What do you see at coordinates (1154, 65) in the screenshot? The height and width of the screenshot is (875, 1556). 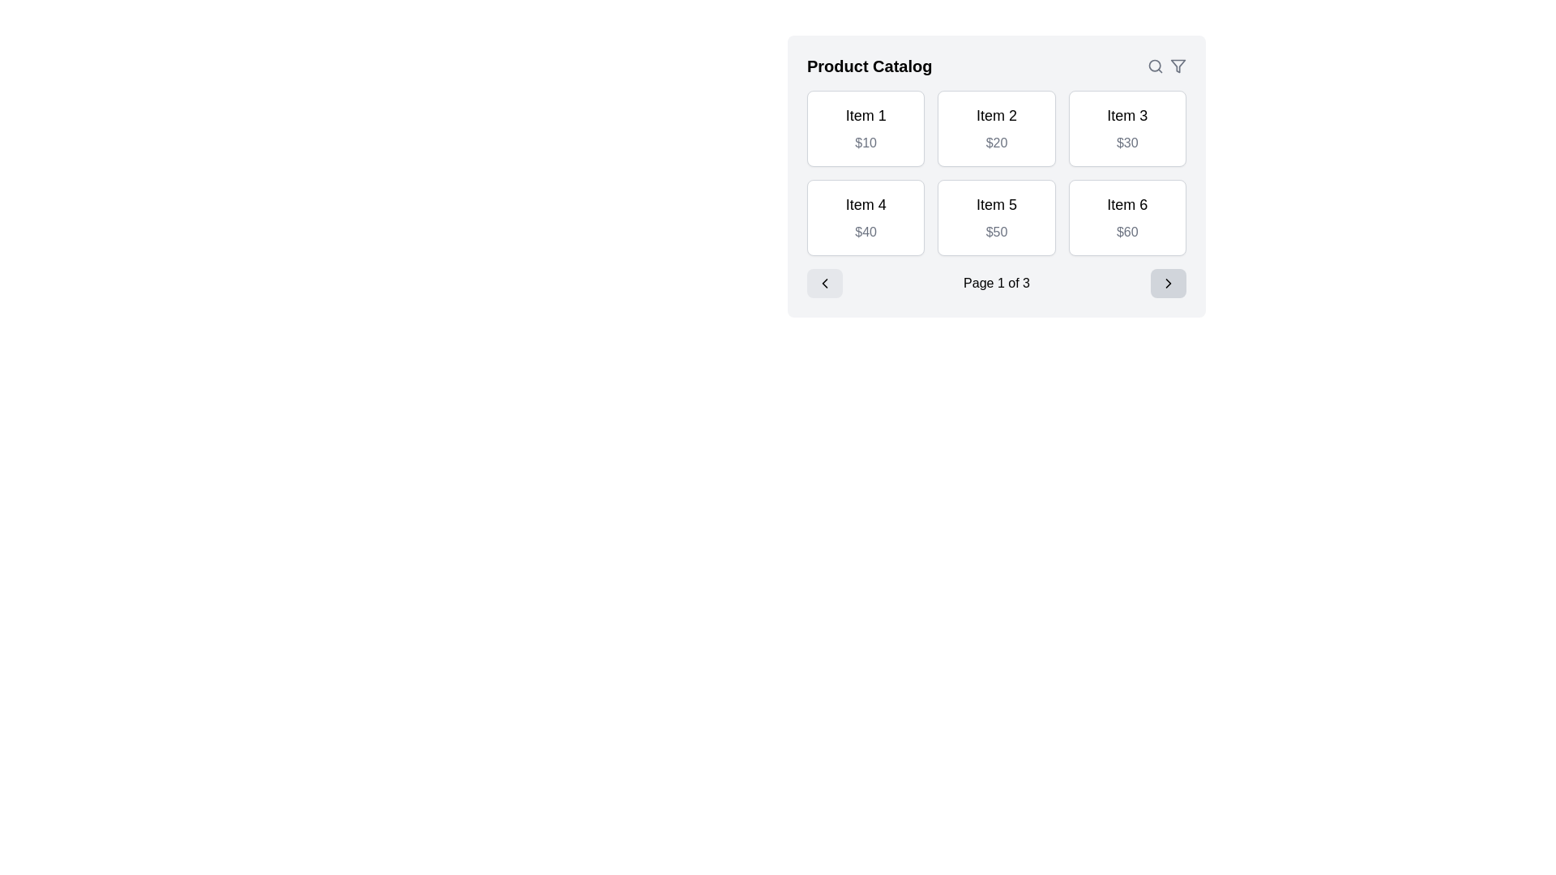 I see `the inner circular element of the magnifying glass search icon located in the upper-right corner of the UI` at bounding box center [1154, 65].